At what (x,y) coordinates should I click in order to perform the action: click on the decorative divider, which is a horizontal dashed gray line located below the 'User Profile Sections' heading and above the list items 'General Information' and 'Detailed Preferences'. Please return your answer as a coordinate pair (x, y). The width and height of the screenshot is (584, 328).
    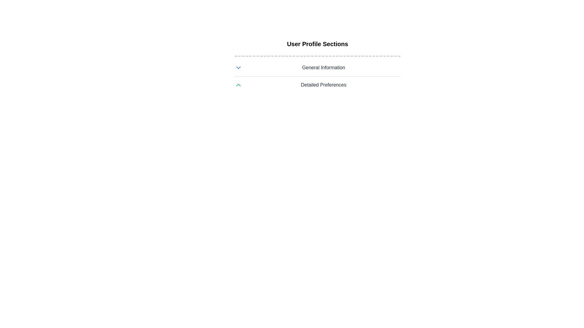
    Looking at the image, I should click on (317, 56).